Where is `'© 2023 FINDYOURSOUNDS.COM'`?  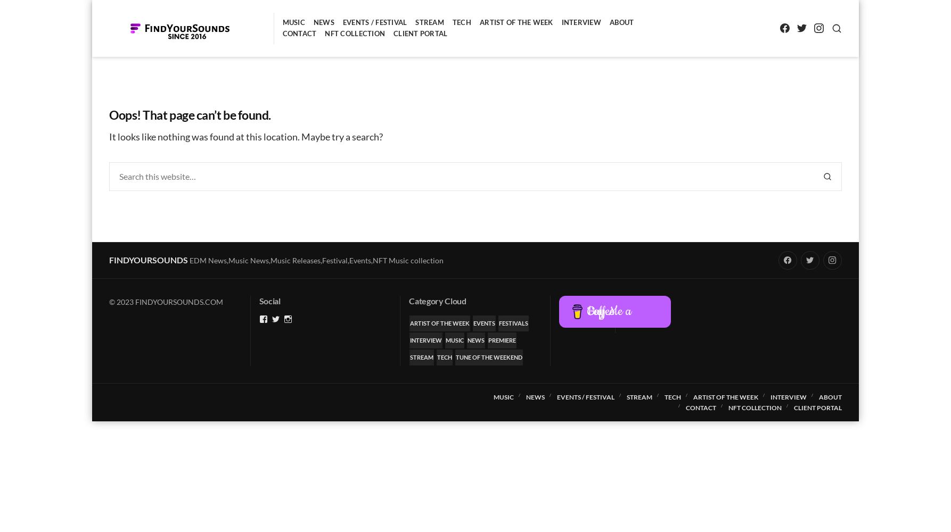 '© 2023 FINDYOURSOUNDS.COM' is located at coordinates (166, 301).